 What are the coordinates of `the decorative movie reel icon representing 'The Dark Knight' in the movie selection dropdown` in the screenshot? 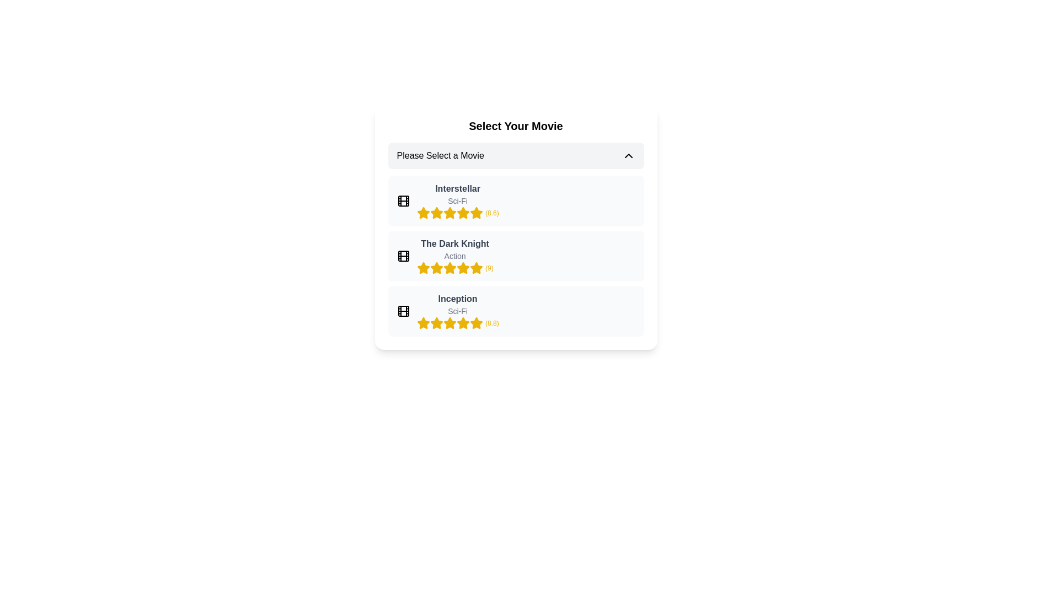 It's located at (403, 256).